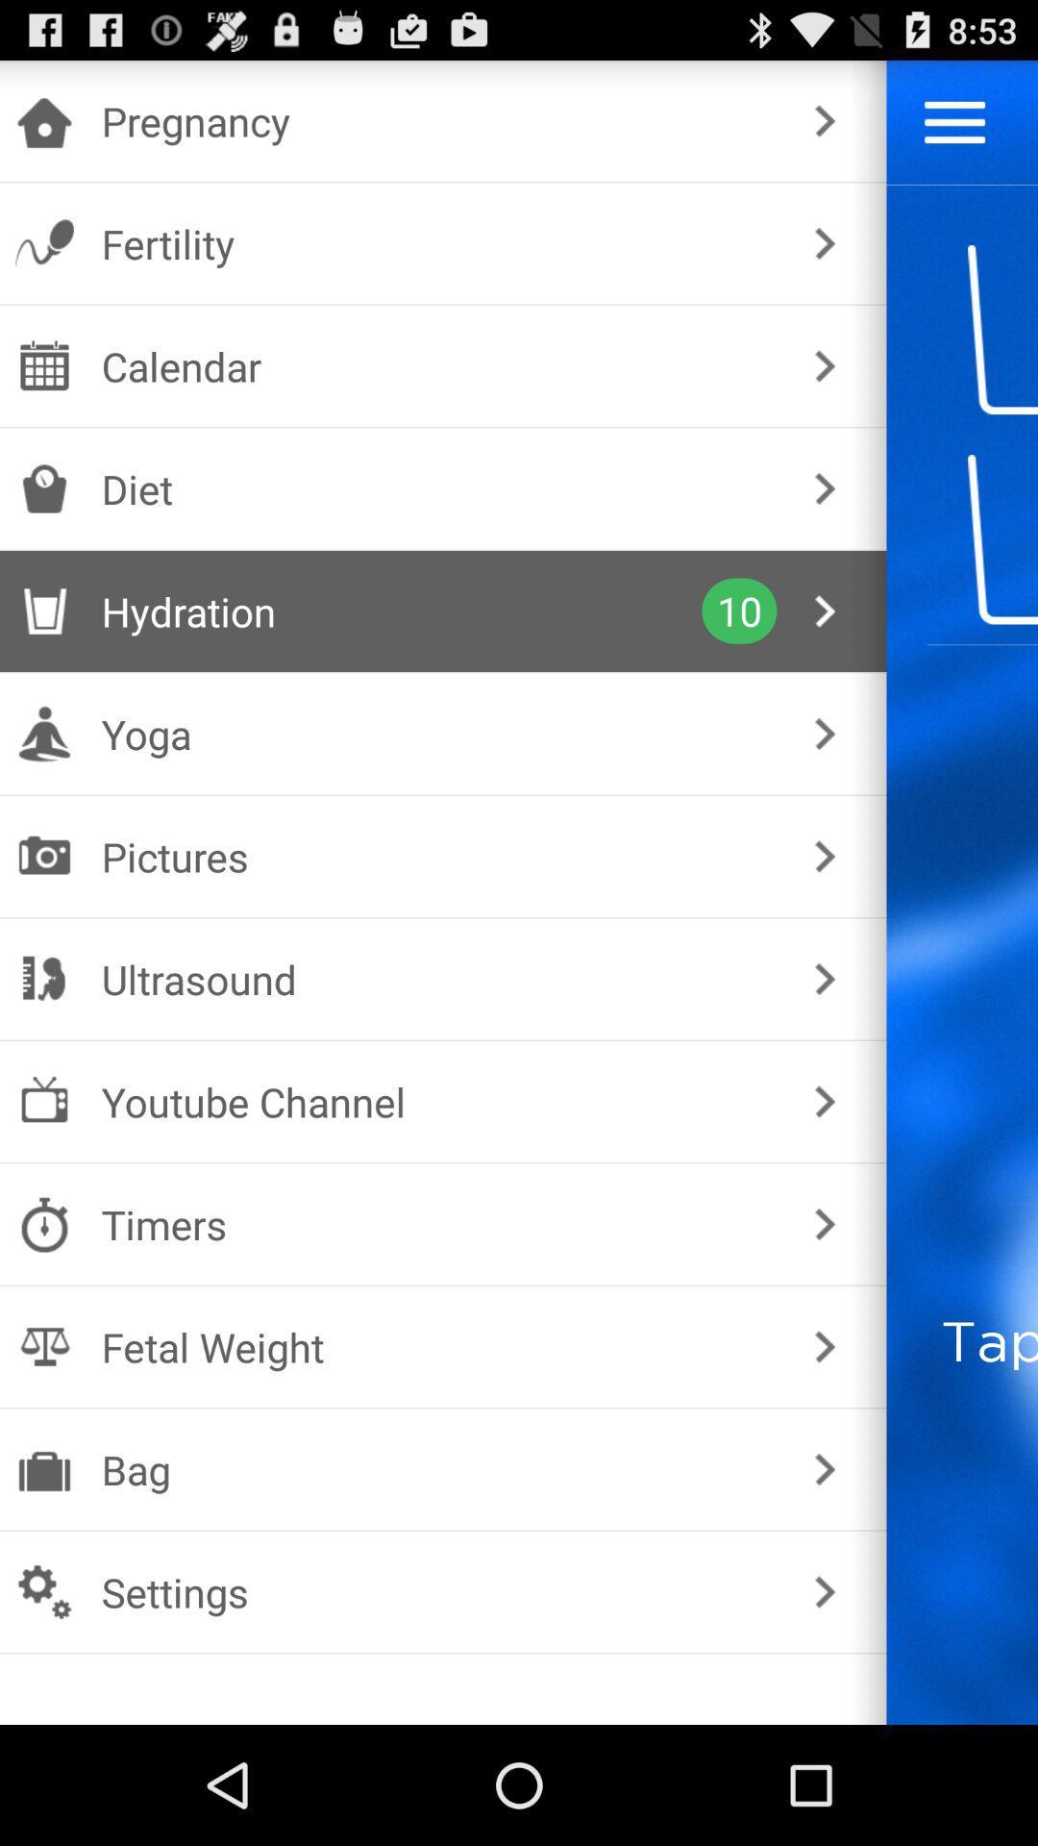  Describe the element at coordinates (401, 610) in the screenshot. I see `the hydration item` at that location.